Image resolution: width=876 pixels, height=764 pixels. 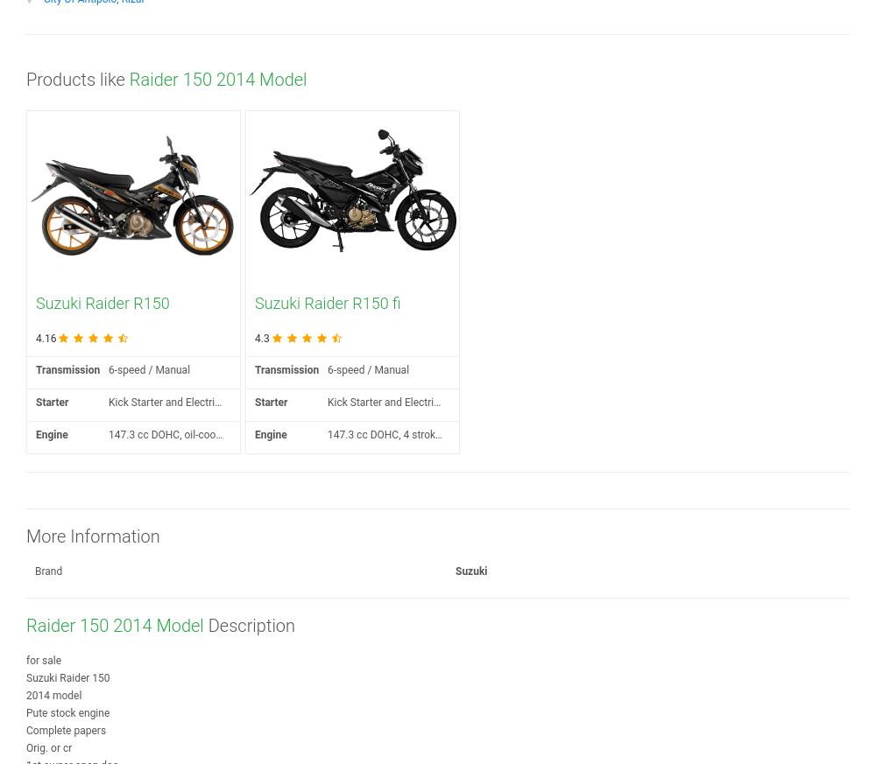 I want to click on 'Suzuki Raider 150', so click(x=26, y=676).